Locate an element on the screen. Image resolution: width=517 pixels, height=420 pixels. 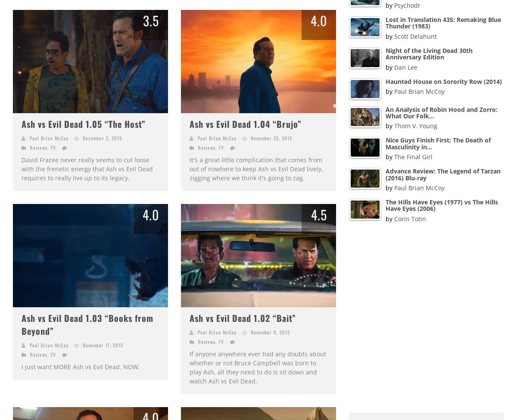
'An Analysis of Robin Hood and Zorro: What Our Folk…' is located at coordinates (442, 112).